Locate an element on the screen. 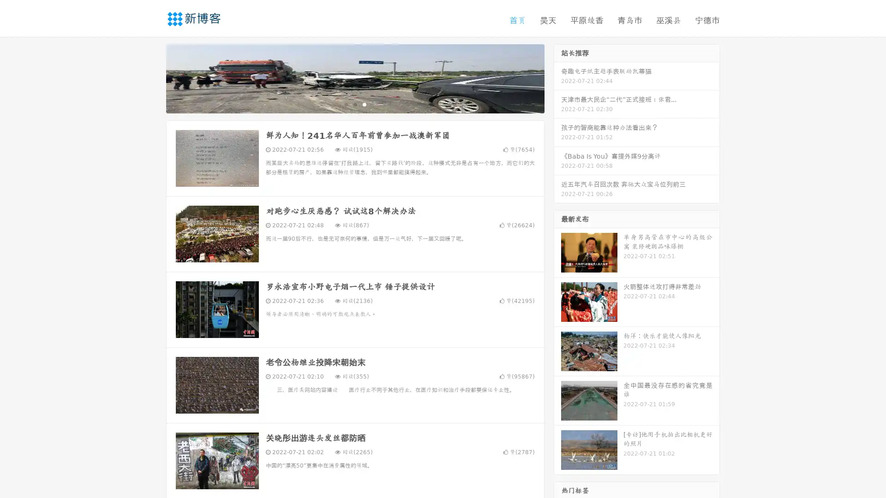 Image resolution: width=886 pixels, height=498 pixels. Previous slide is located at coordinates (152, 77).